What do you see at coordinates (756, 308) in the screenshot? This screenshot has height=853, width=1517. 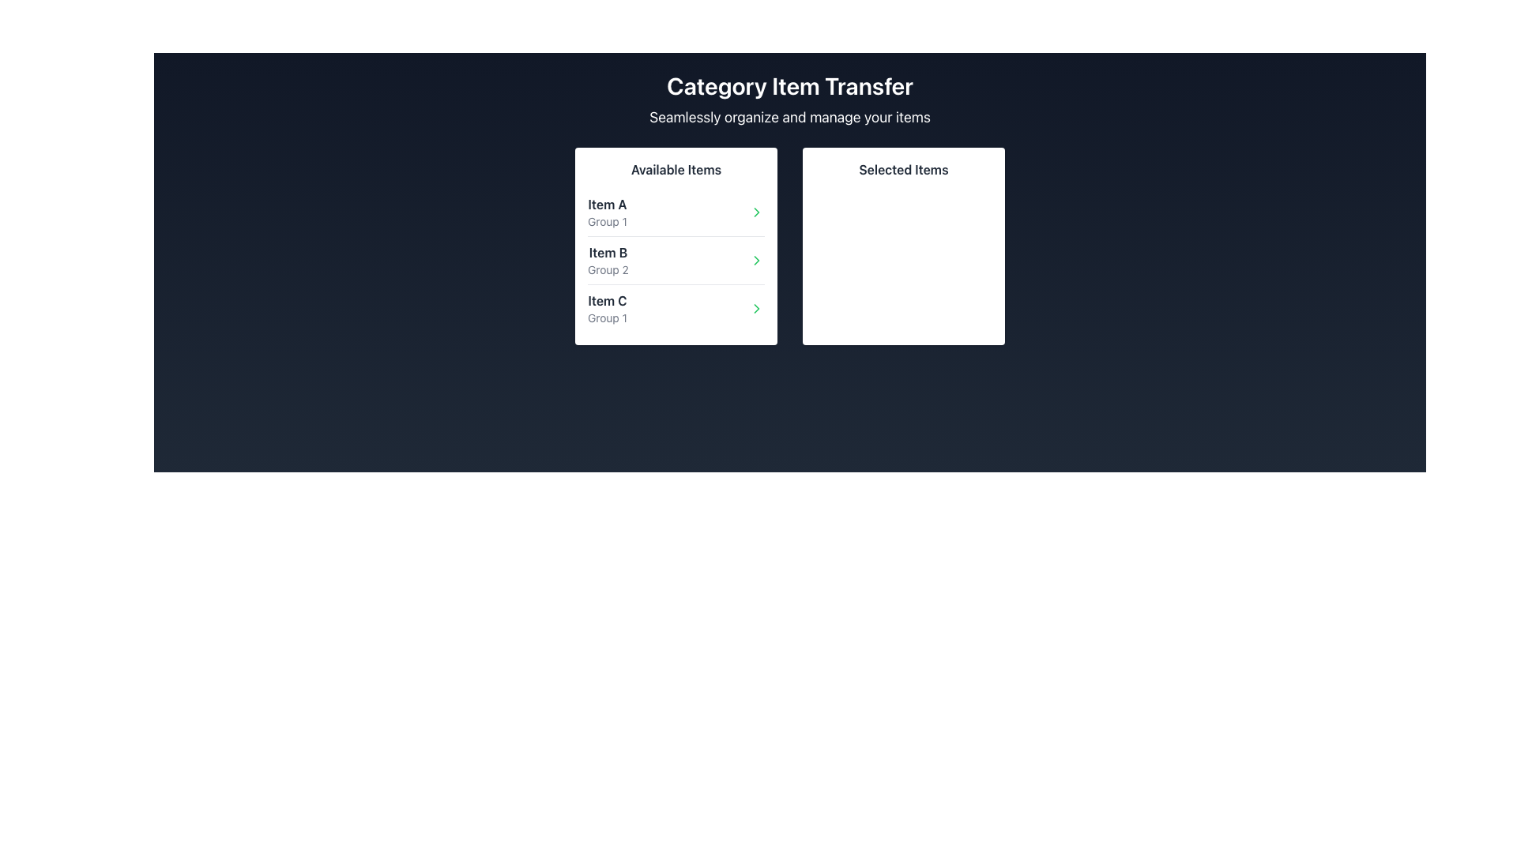 I see `the small rightward green arrow icon located to the far right of the 'Item C' entry in the 'Available Items' list` at bounding box center [756, 308].